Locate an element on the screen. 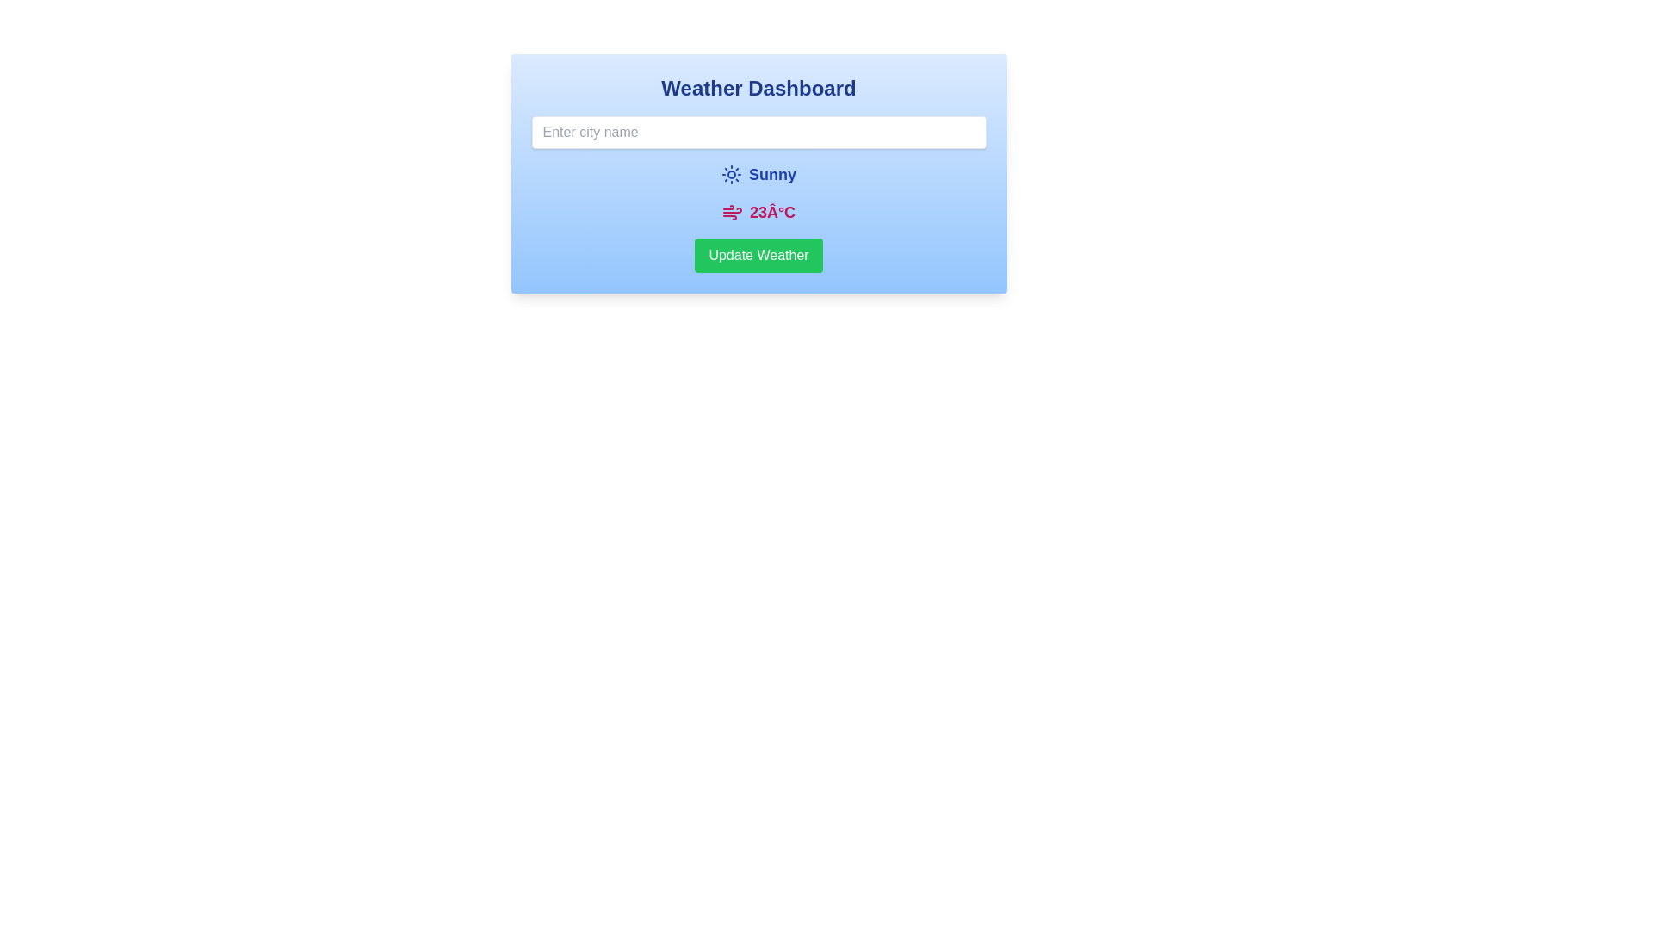  the wind conditions icon located immediately to the left of the '23°C' text in the temperature display is located at coordinates (732, 211).